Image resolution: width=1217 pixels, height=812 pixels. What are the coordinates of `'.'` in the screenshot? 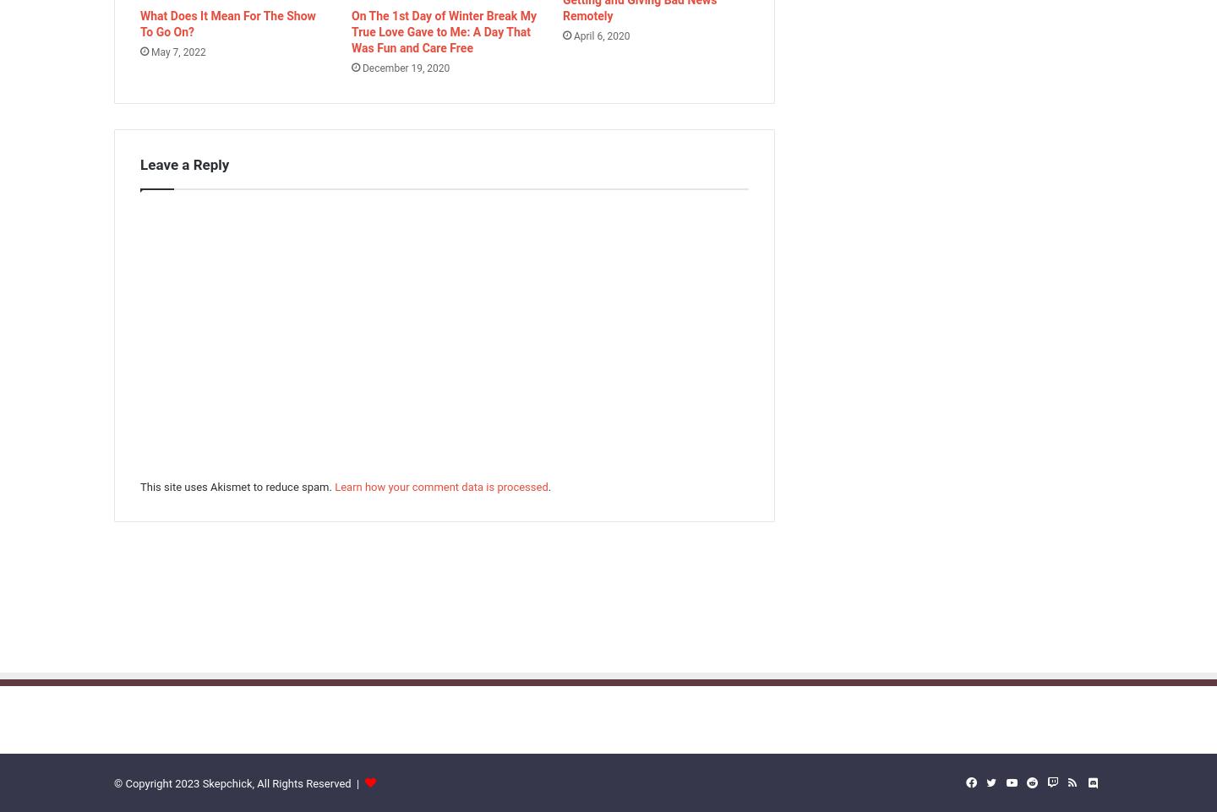 It's located at (548, 486).